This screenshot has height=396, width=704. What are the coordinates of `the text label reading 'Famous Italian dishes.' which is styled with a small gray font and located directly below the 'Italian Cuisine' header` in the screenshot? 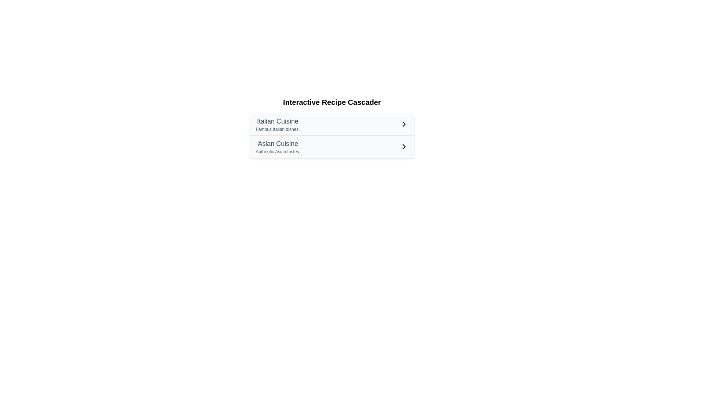 It's located at (277, 129).